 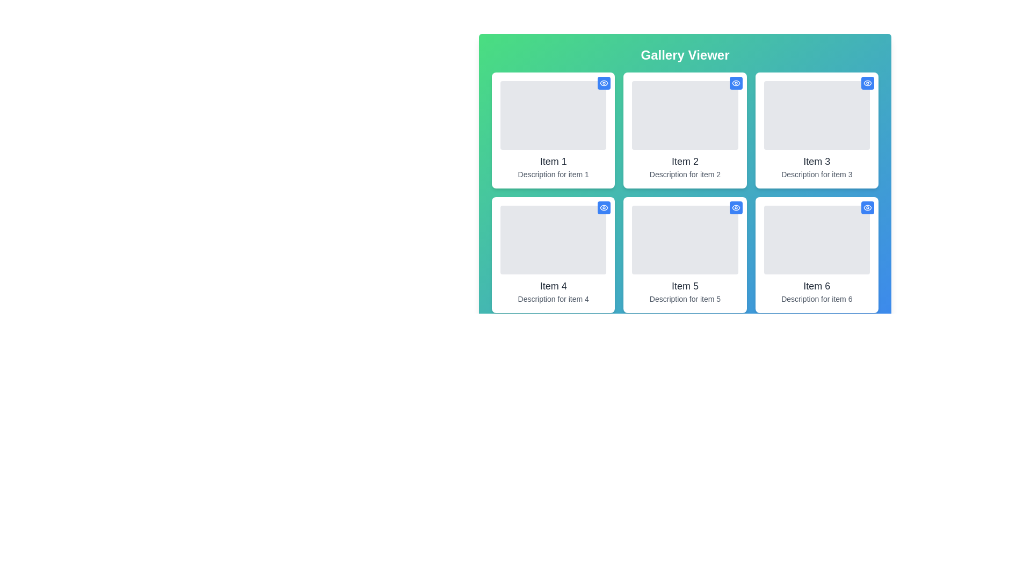 What do you see at coordinates (816, 255) in the screenshot?
I see `the rectangular card for preview content that contains an image placeholder, the title 'Item 6', and a subtitle 'Description for item 6', with a blue button in the top-right corner` at bounding box center [816, 255].